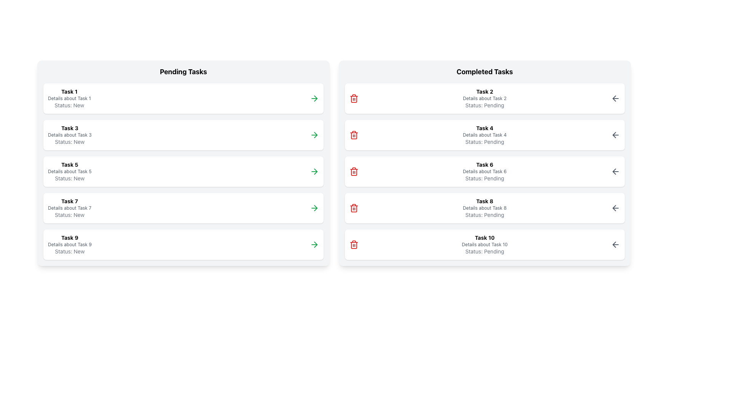  Describe the element at coordinates (314, 98) in the screenshot. I see `the SVG icon located in the bottom-right corner of the card containing 'Task 1'` at that location.